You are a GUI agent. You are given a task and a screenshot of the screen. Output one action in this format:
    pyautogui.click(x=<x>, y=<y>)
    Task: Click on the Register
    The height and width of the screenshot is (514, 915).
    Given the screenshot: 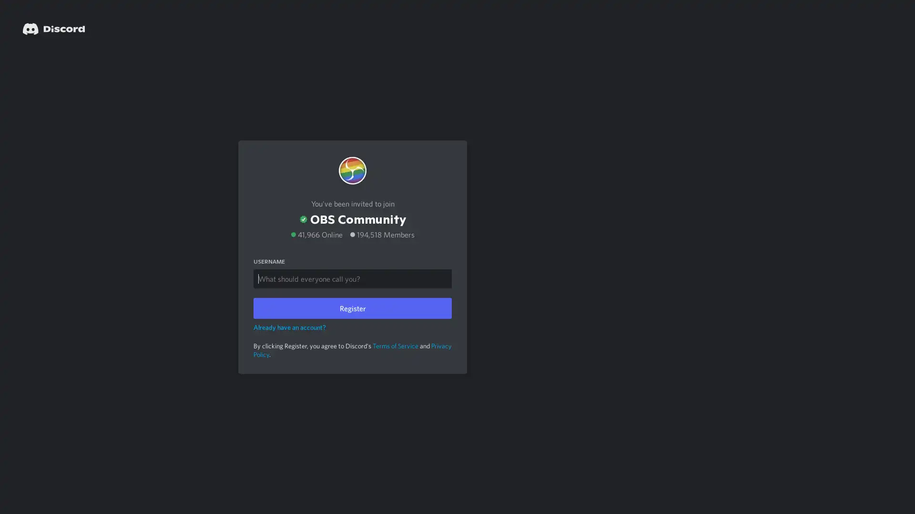 What is the action you would take?
    pyautogui.click(x=352, y=308)
    